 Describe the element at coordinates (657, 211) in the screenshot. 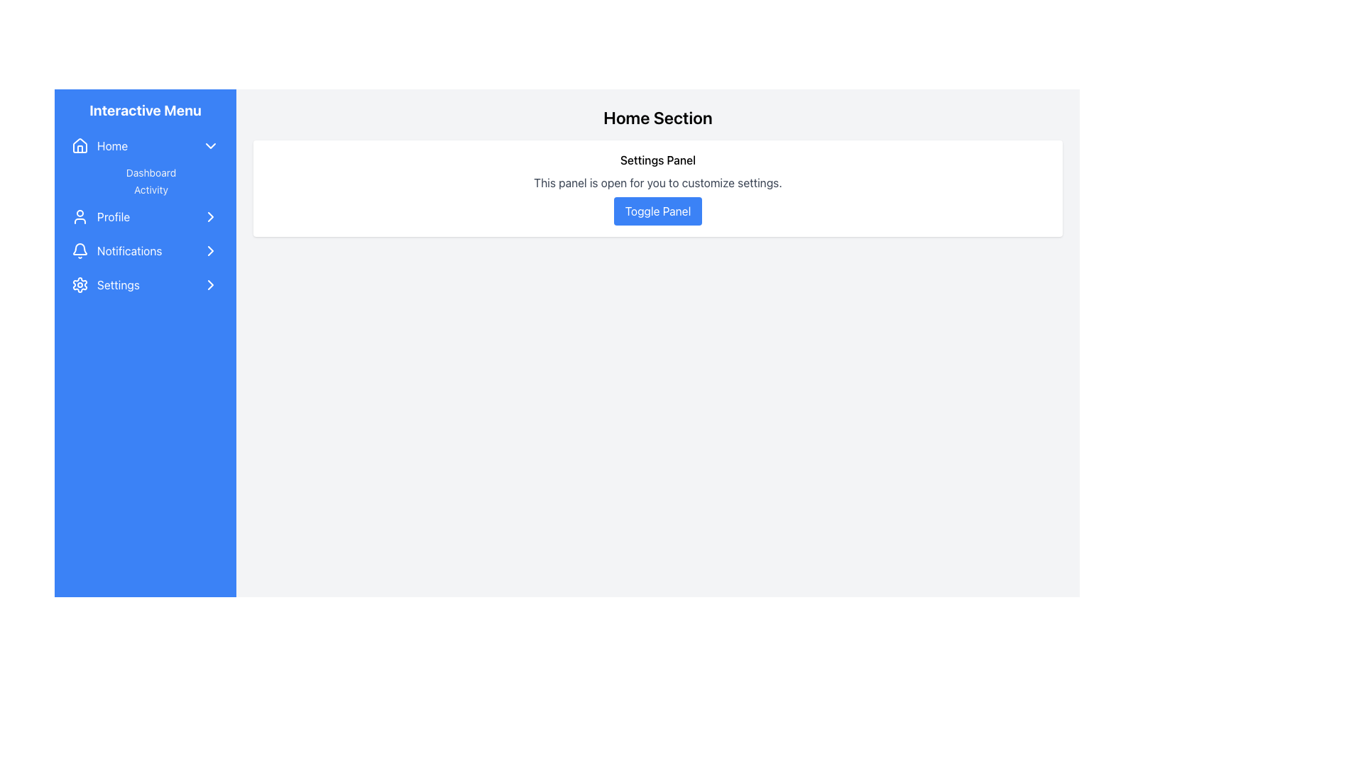

I see `the button located at the bottom of the Settings Panel, below the text 'This panel is open for you to customize settings.'` at that location.